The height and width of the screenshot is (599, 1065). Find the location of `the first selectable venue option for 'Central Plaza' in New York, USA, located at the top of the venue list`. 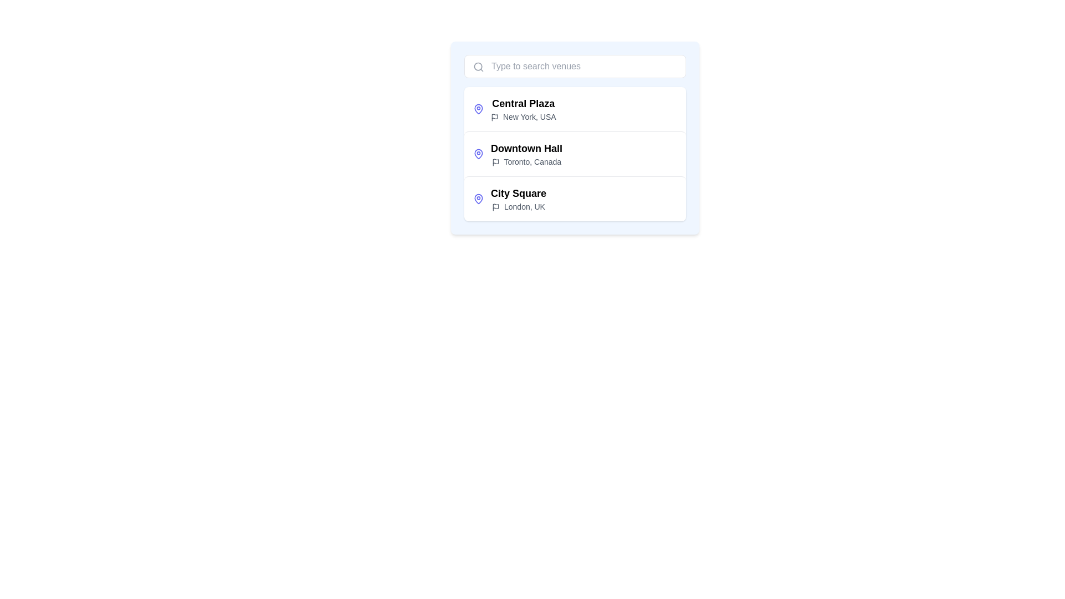

the first selectable venue option for 'Central Plaza' in New York, USA, located at the top of the venue list is located at coordinates (523, 109).